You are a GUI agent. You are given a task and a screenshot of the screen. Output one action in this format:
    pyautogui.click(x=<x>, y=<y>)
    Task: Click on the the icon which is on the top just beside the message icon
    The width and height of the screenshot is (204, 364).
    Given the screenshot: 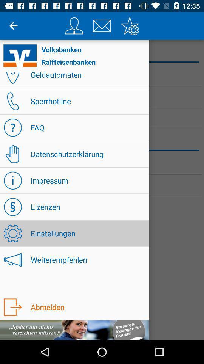 What is the action you would take?
    pyautogui.click(x=74, y=26)
    